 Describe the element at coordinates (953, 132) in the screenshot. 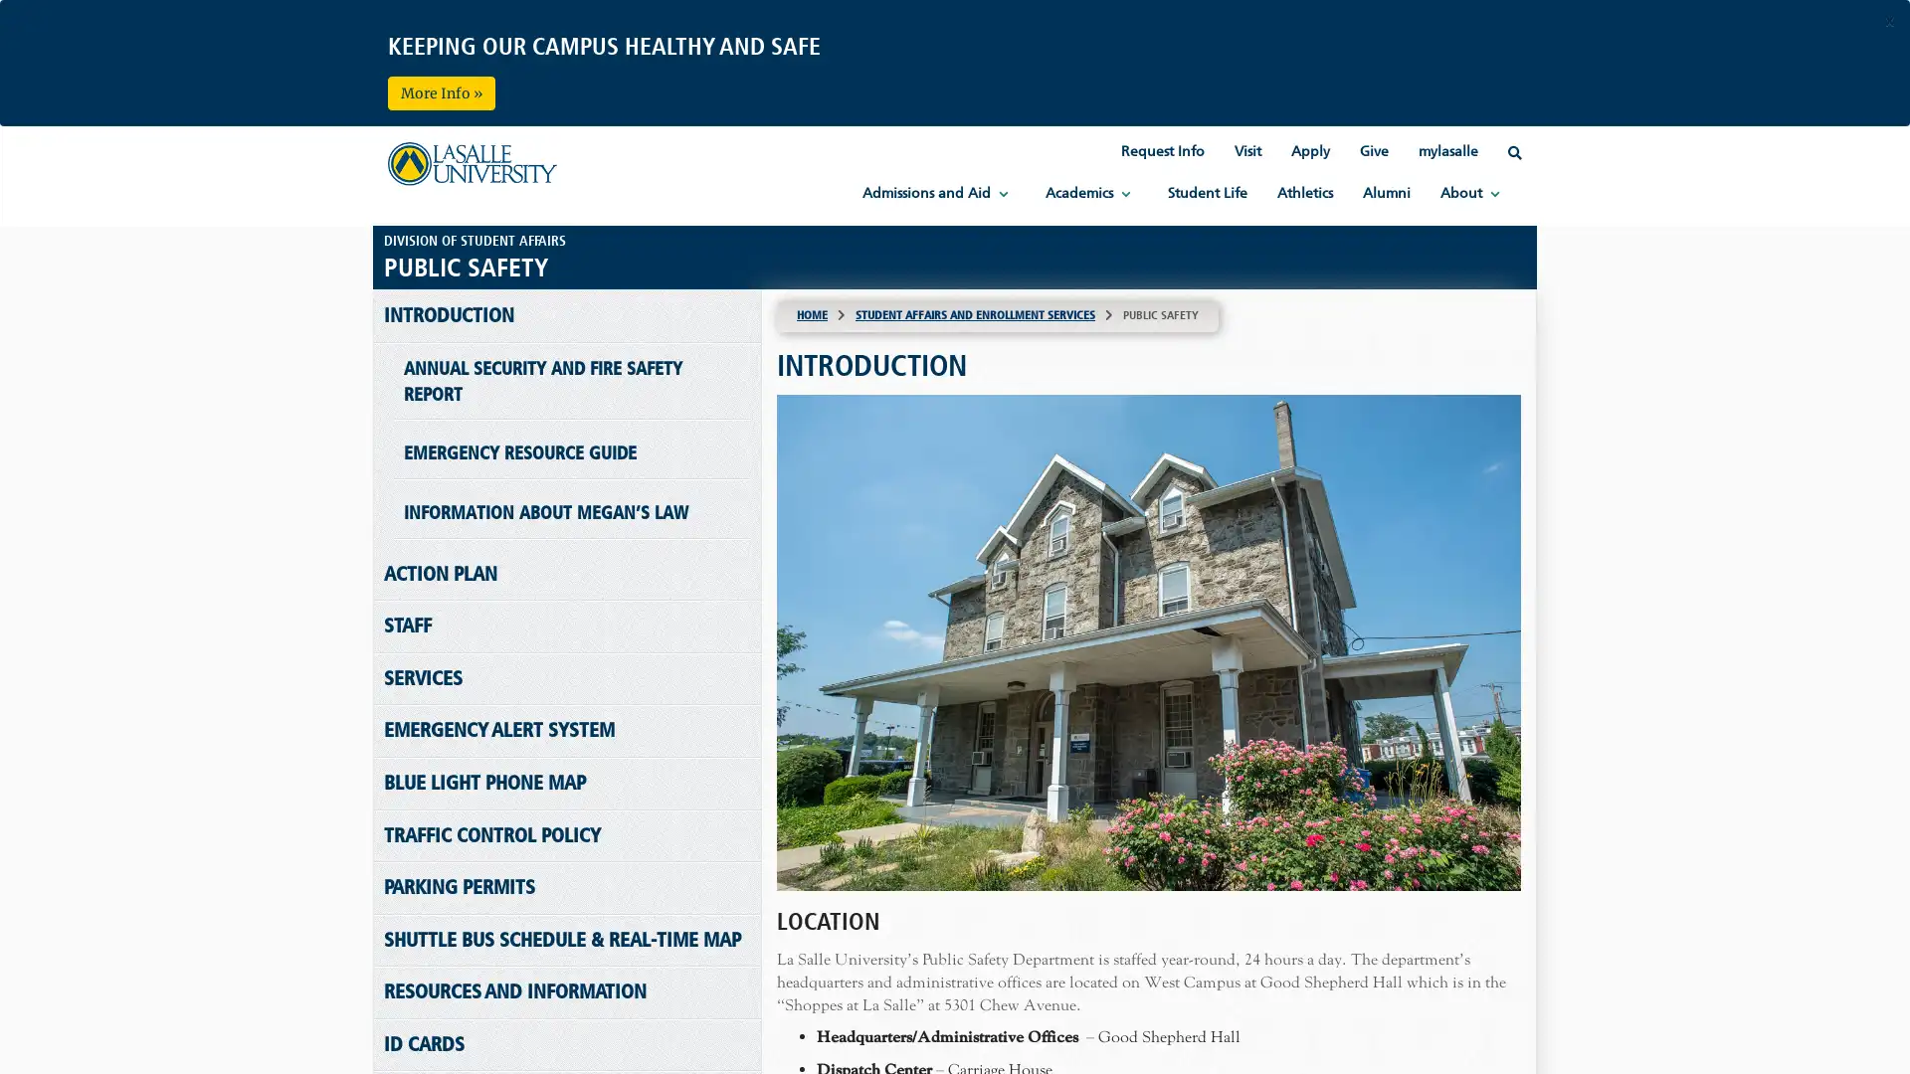

I see `Search Submit` at that location.